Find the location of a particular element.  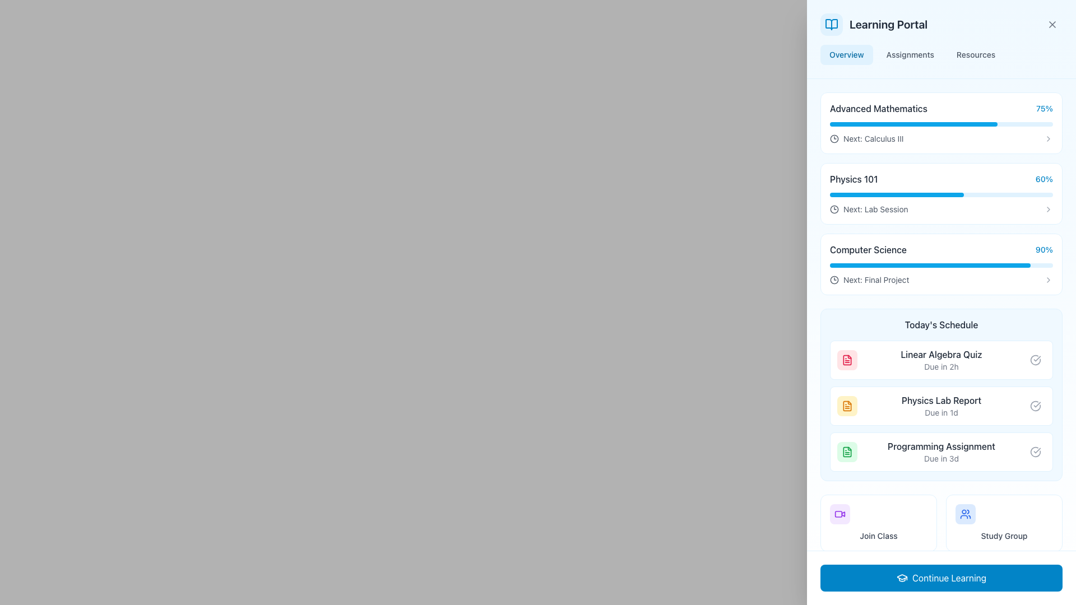

the decorative vector graphic icon representing 'book' or 'learning' located within the 'Continue Learning' button is located at coordinates (965, 580).